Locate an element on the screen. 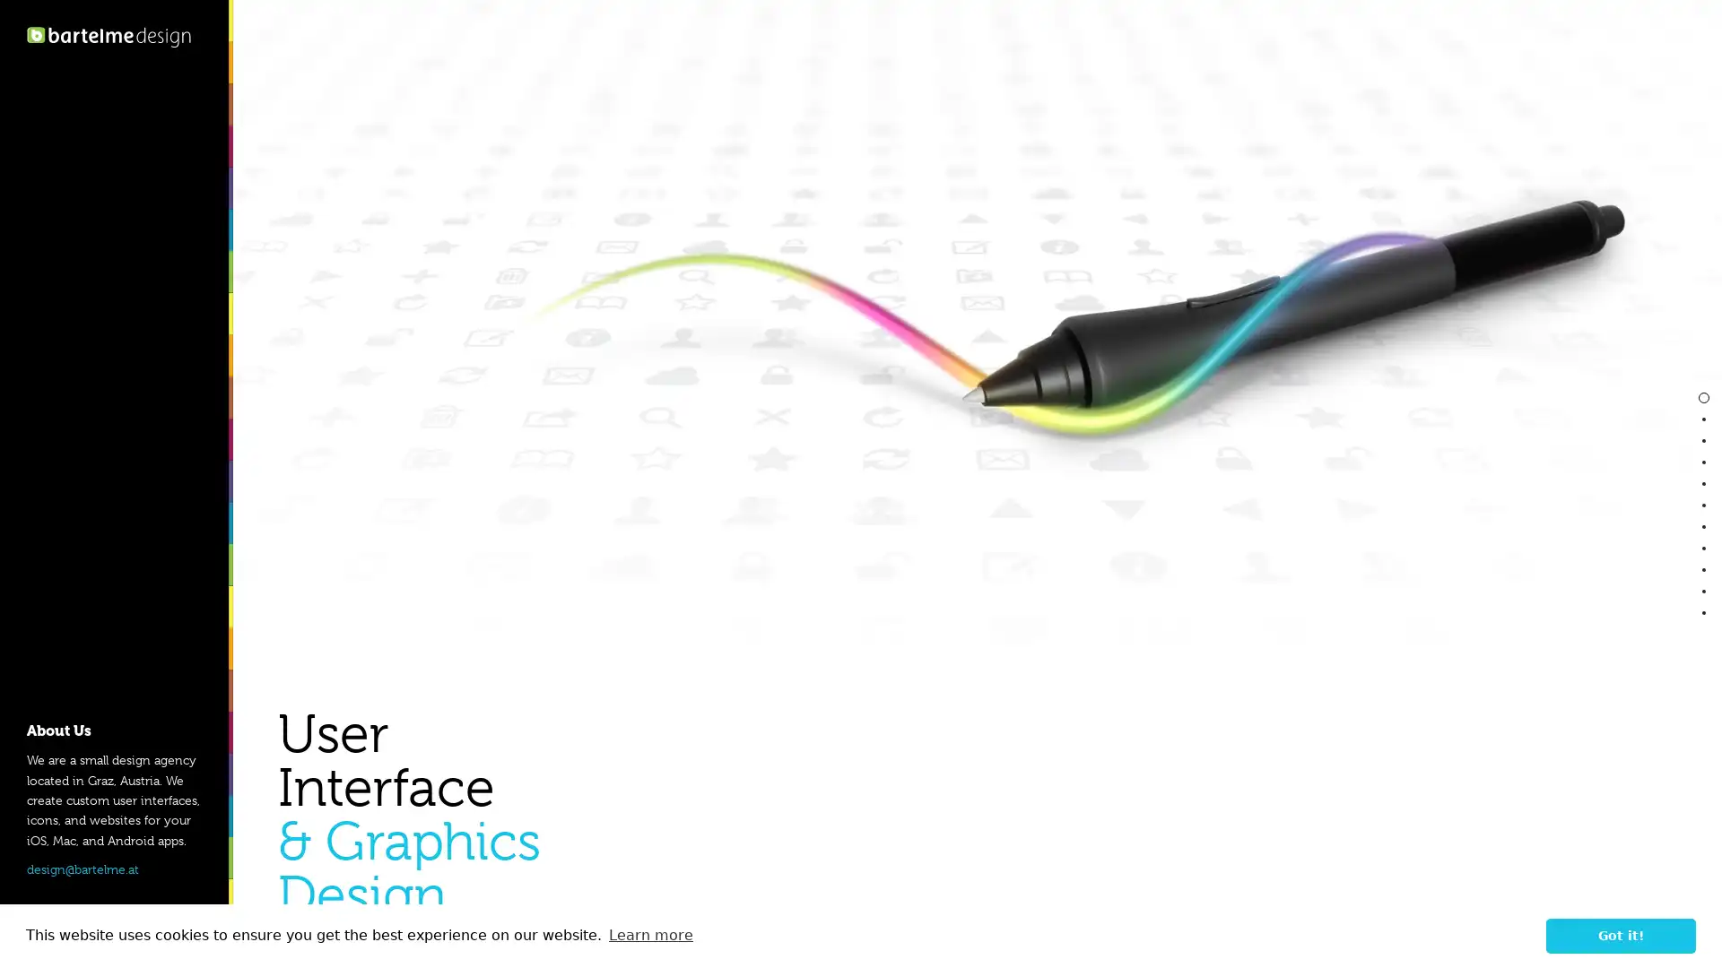 This screenshot has height=968, width=1722. learn more about cookies is located at coordinates (649, 935).